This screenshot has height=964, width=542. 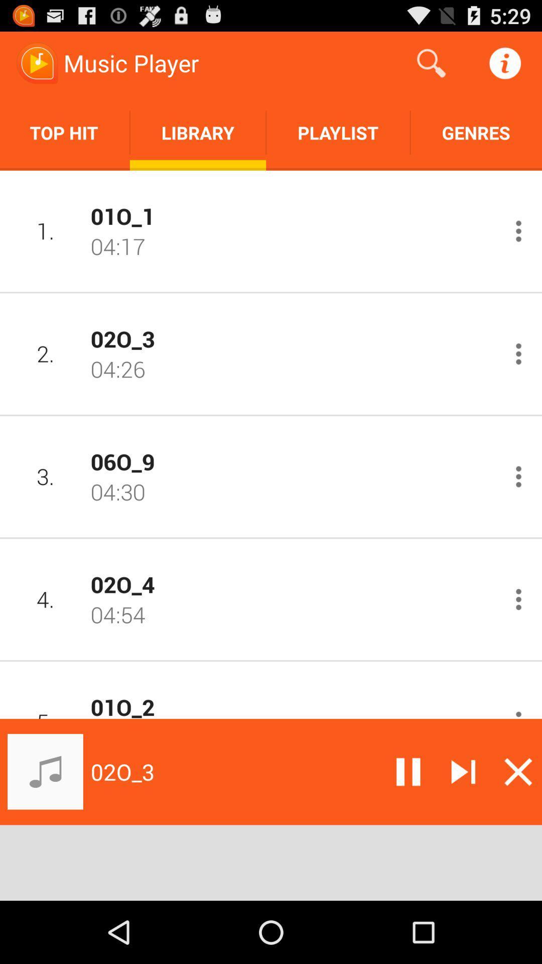 I want to click on open more options, so click(x=518, y=354).